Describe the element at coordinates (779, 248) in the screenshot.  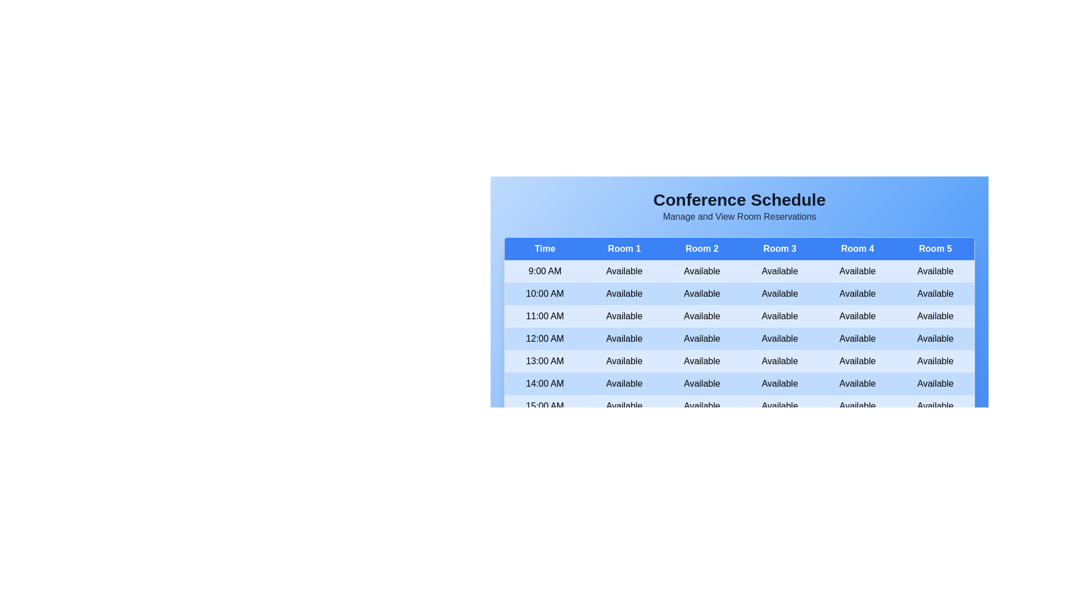
I see `the header of Room 3 to sort the table by that column` at that location.